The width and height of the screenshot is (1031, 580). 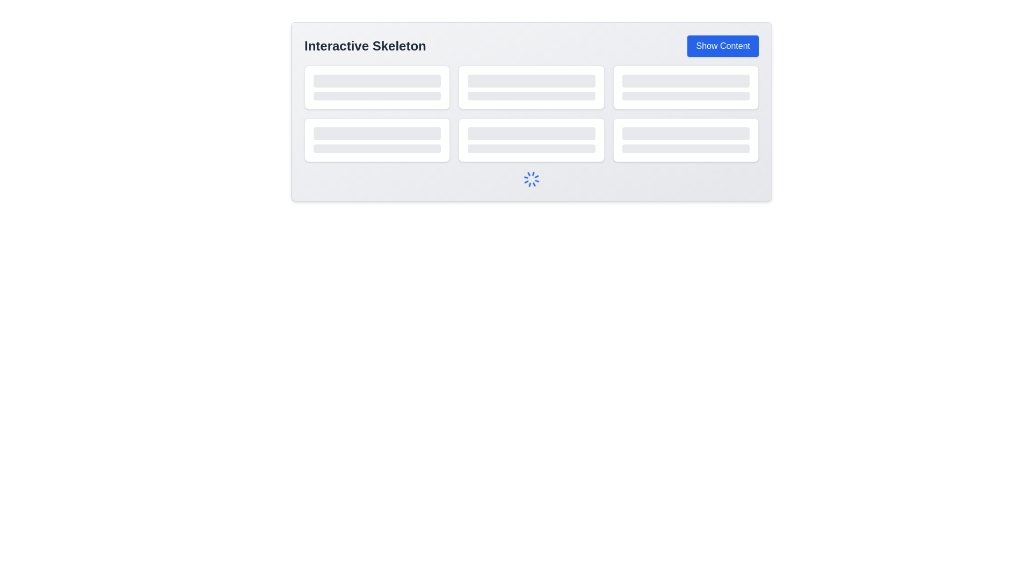 I want to click on the animated spinner, which is a blue circular animation located centrally below a set of six boxes, clearly visible among other UI elements, so click(x=531, y=179).